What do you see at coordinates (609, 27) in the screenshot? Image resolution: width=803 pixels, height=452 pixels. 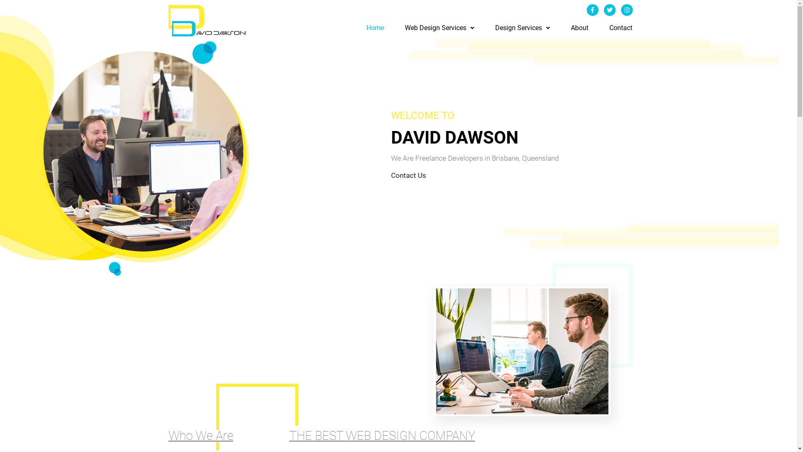 I see `'Contact'` at bounding box center [609, 27].